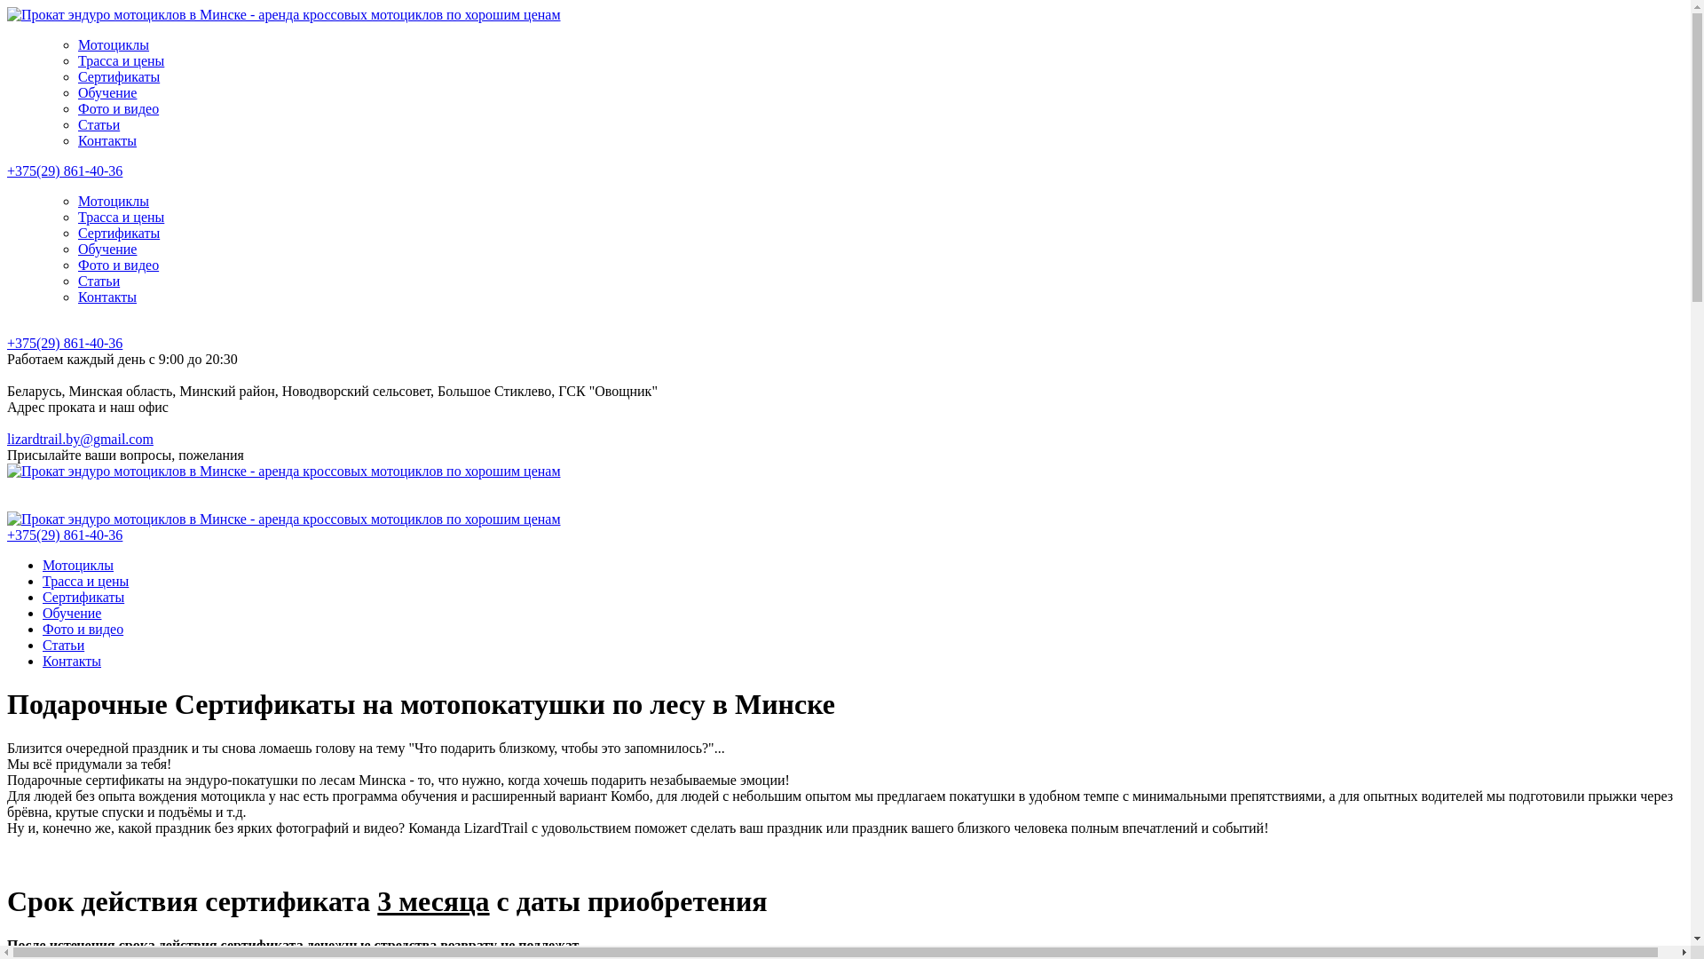 This screenshot has height=959, width=1704. What do you see at coordinates (64, 170) in the screenshot?
I see `'+375(29) 861-40-36'` at bounding box center [64, 170].